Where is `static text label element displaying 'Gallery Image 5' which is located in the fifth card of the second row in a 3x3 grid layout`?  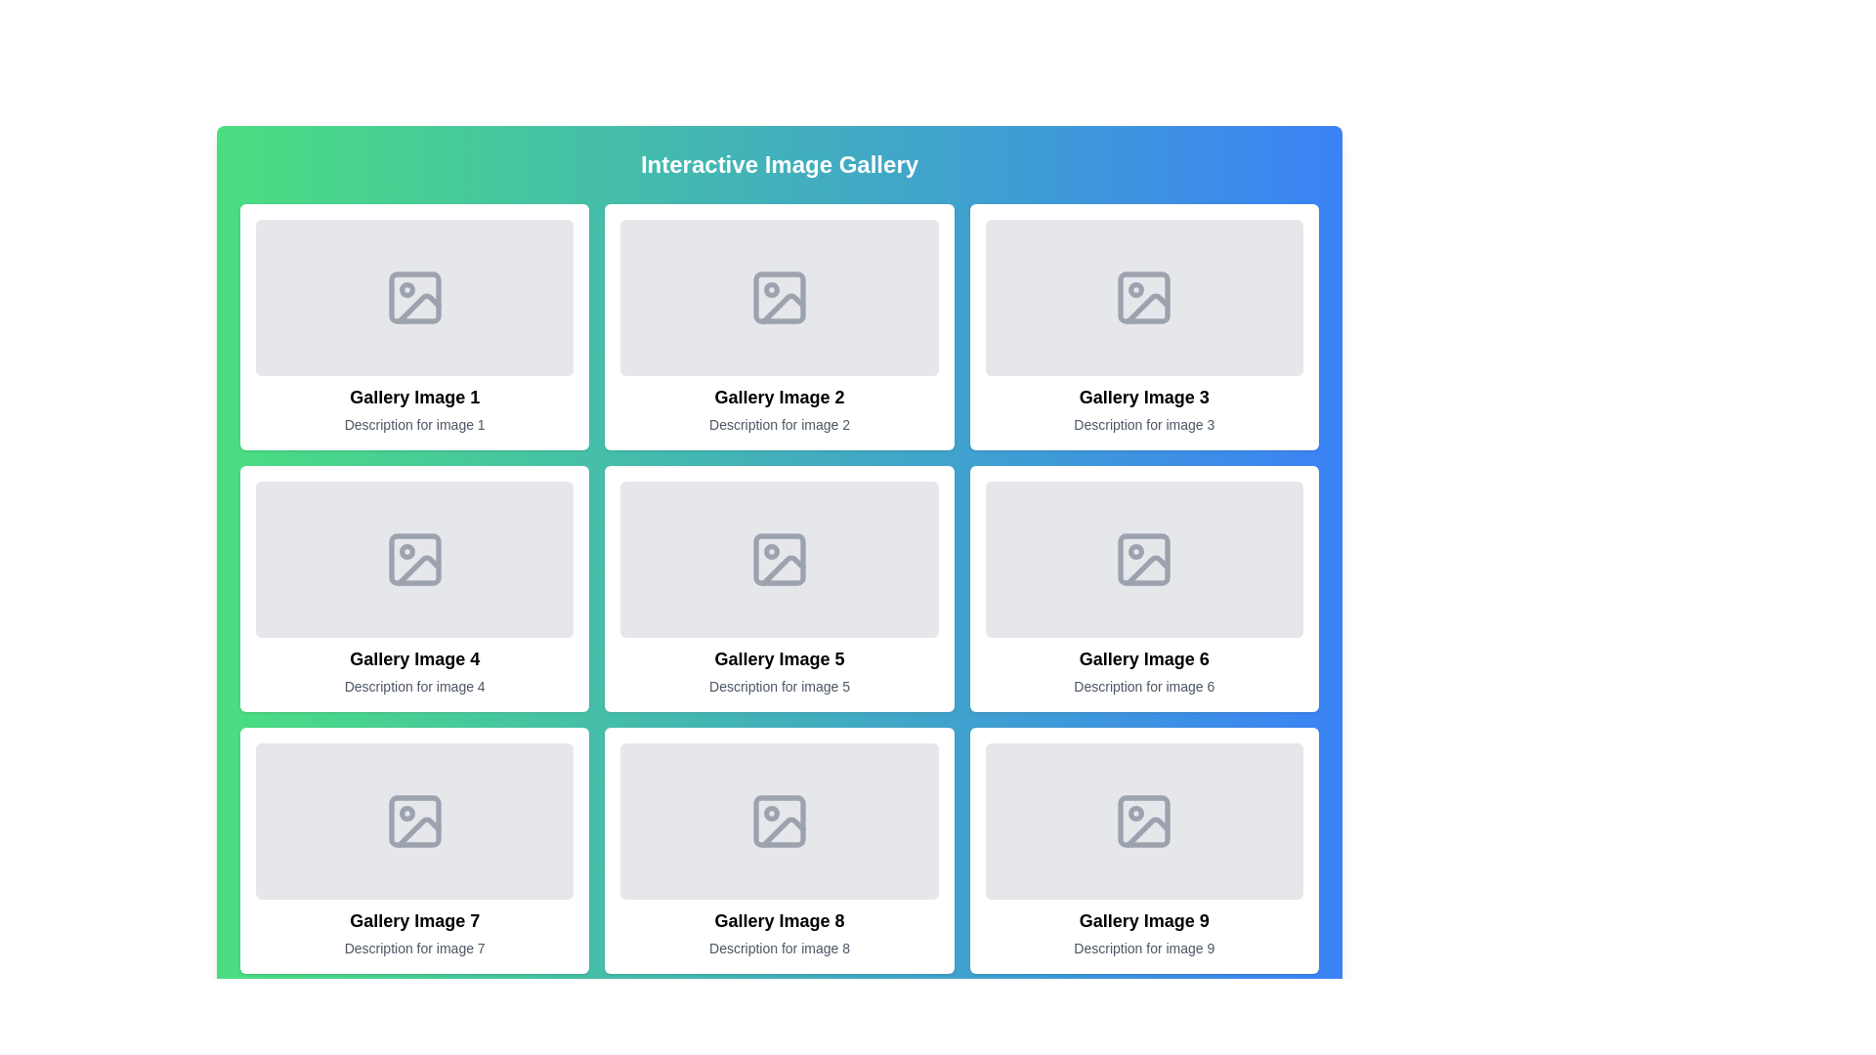 static text label element displaying 'Gallery Image 5' which is located in the fifth card of the second row in a 3x3 grid layout is located at coordinates (778, 659).